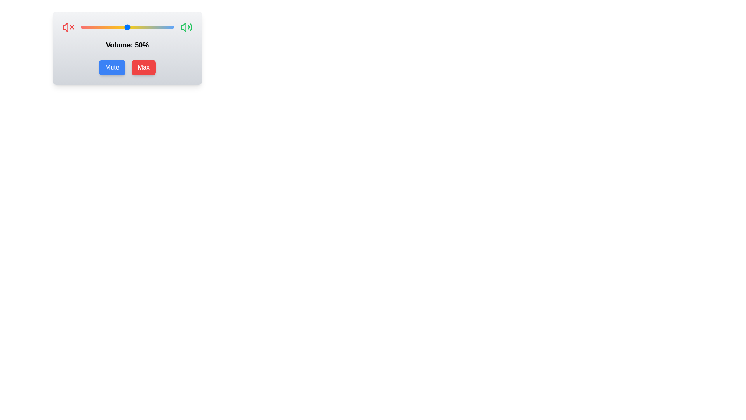 The width and height of the screenshot is (746, 420). What do you see at coordinates (135, 26) in the screenshot?
I see `the volume slider to 58% level` at bounding box center [135, 26].